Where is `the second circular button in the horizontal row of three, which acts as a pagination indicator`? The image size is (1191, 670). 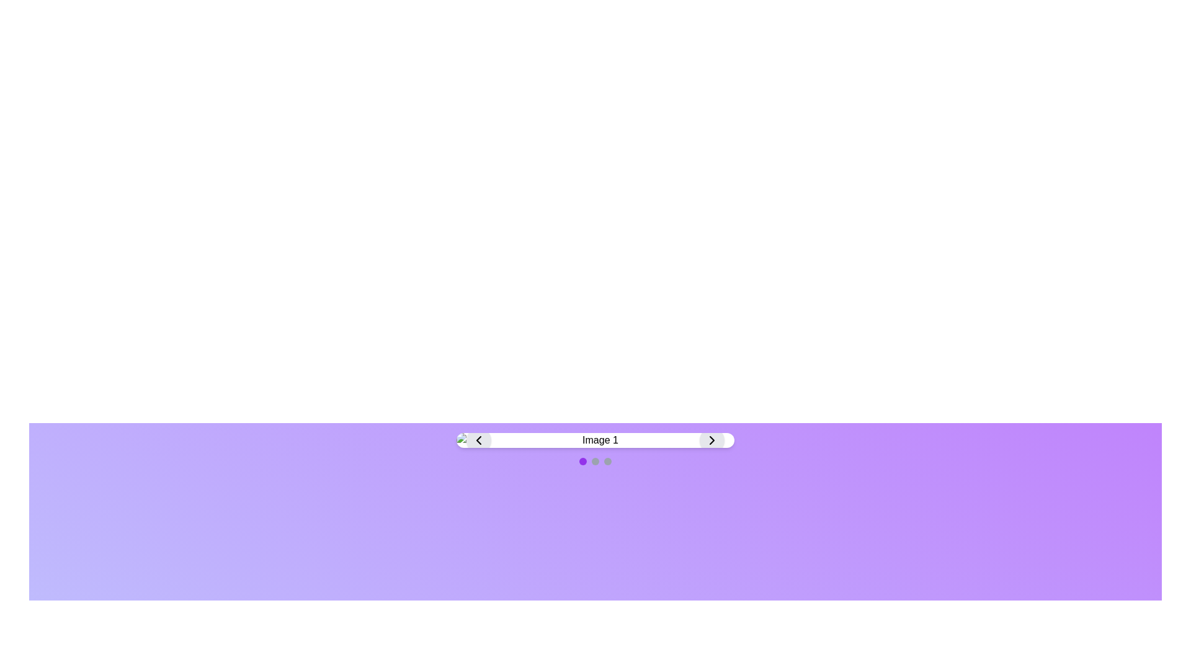 the second circular button in the horizontal row of three, which acts as a pagination indicator is located at coordinates (595, 462).